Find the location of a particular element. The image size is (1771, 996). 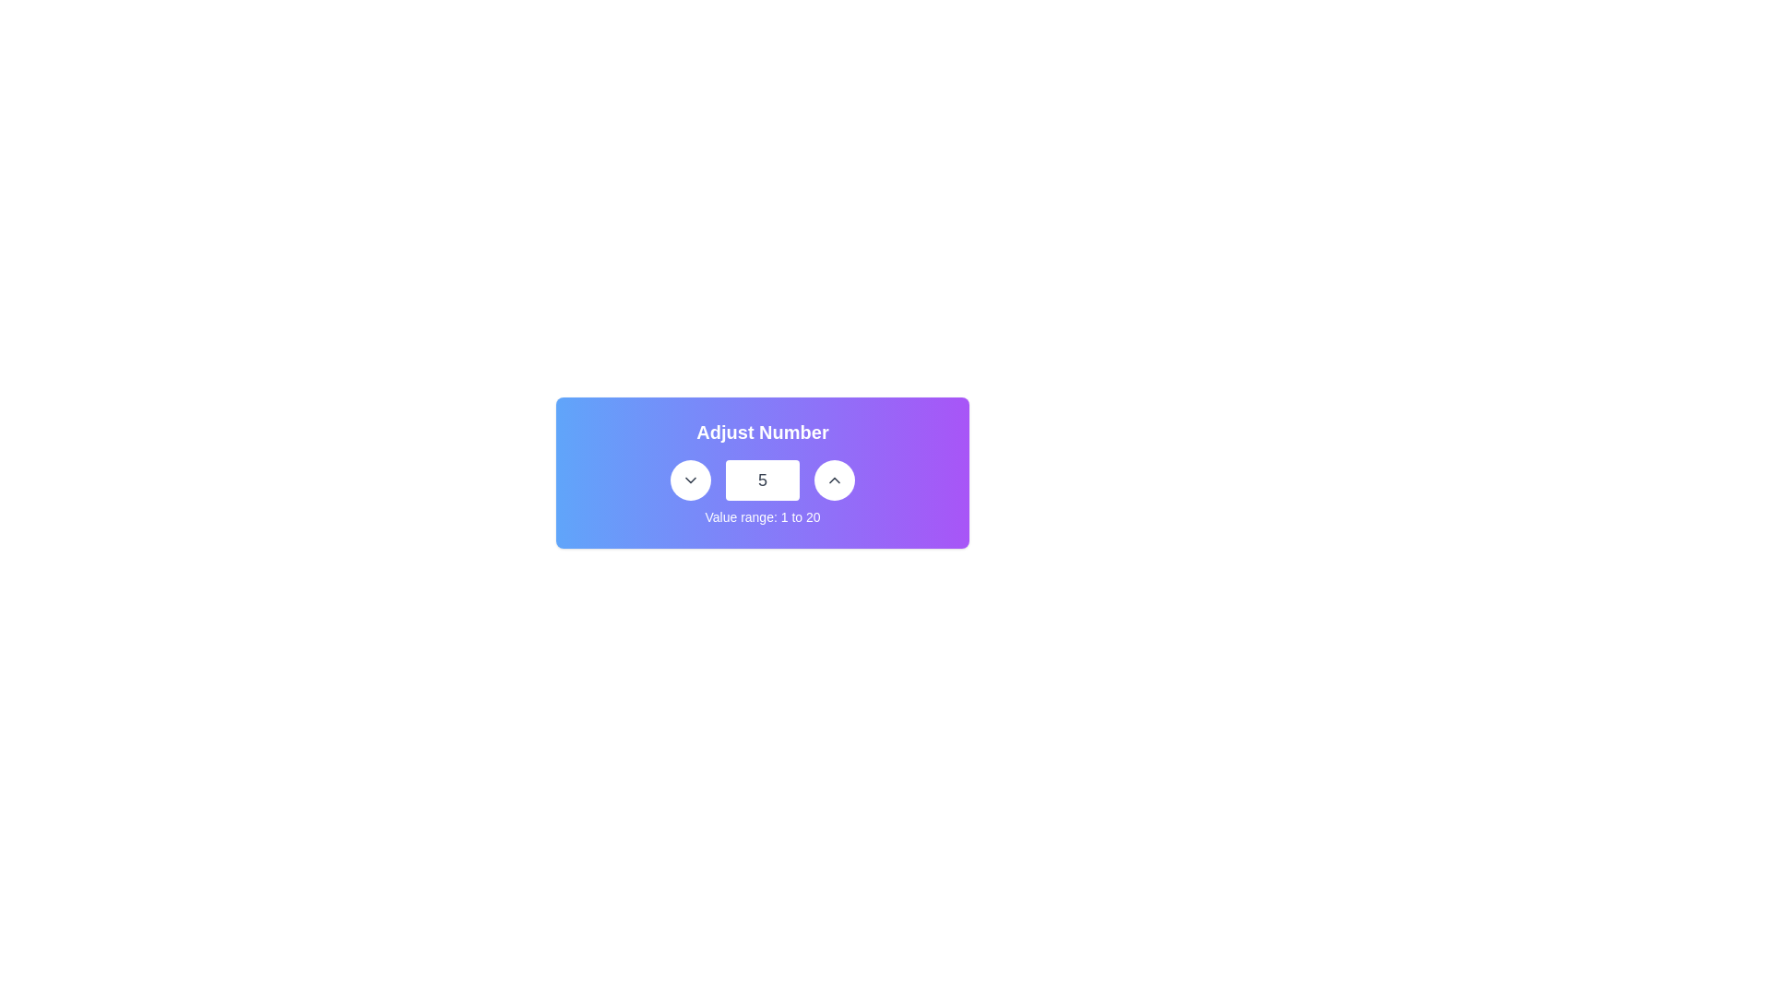

the upward-facing chevron increment button, which is styled with a minimalistic, outline design and located at the topmost region within a row of components is located at coordinates (834, 479).